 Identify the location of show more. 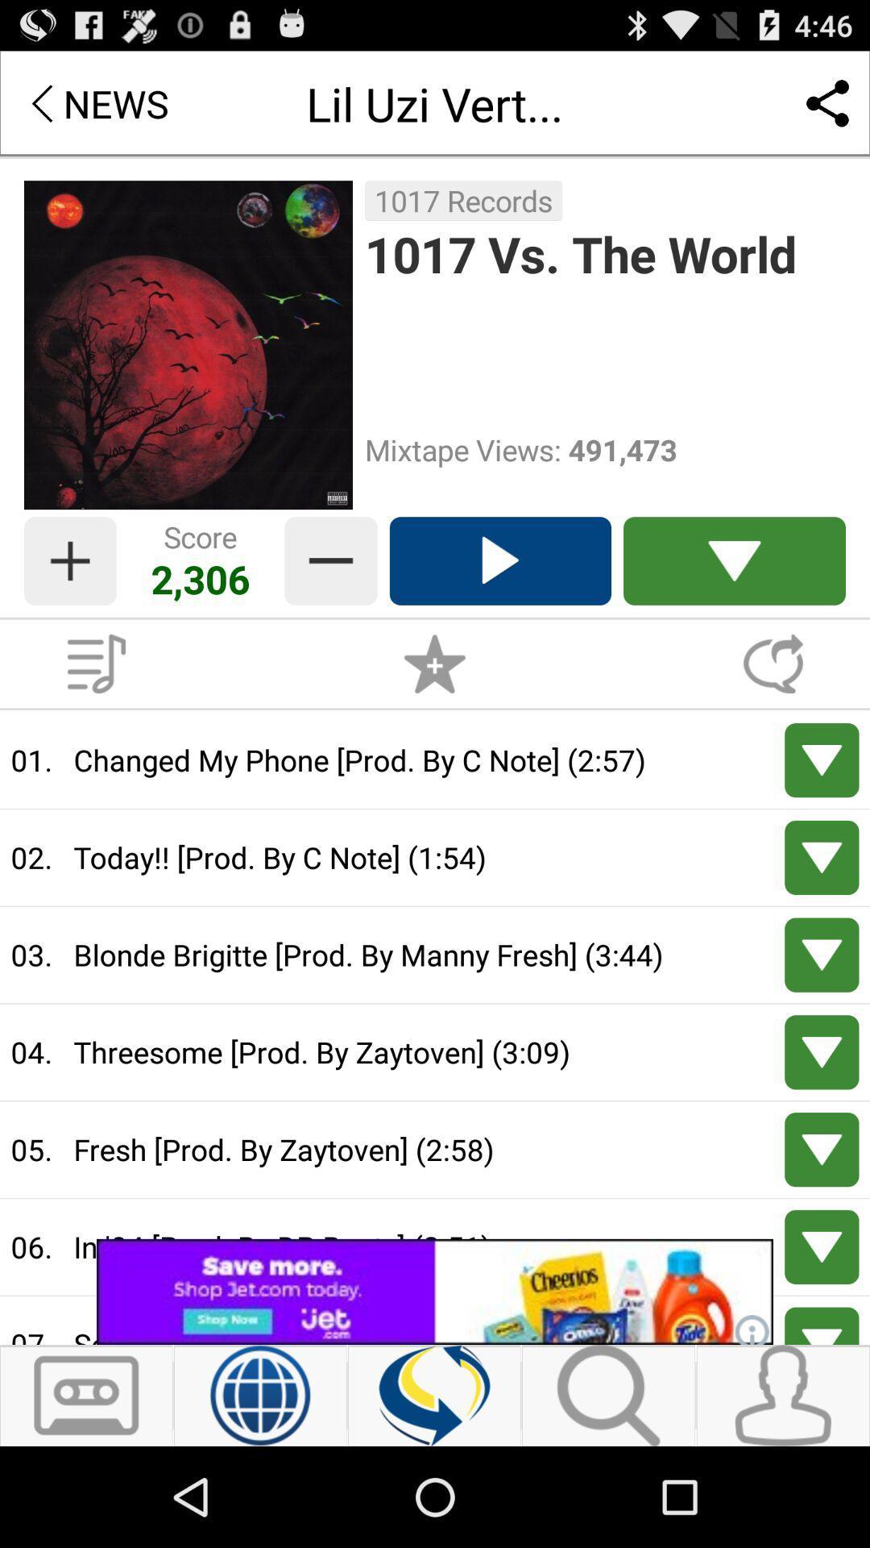
(822, 955).